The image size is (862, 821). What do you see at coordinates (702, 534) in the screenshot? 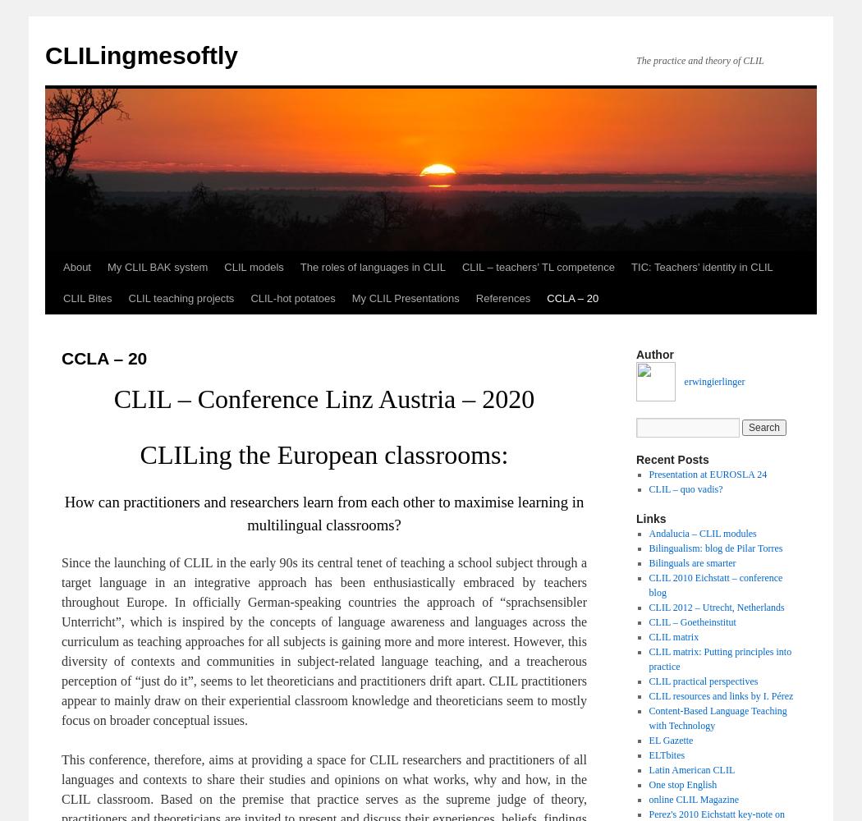
I see `'Andalucia – CLIL modules'` at bounding box center [702, 534].